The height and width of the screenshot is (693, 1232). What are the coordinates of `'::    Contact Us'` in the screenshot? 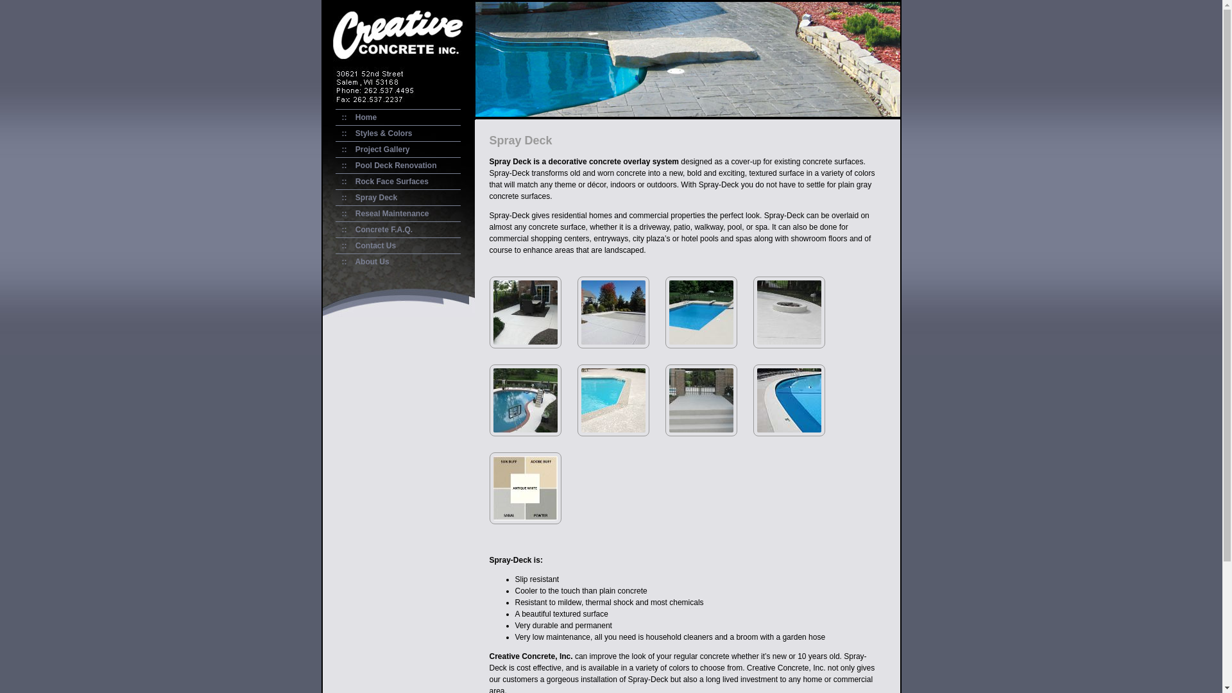 It's located at (364, 245).